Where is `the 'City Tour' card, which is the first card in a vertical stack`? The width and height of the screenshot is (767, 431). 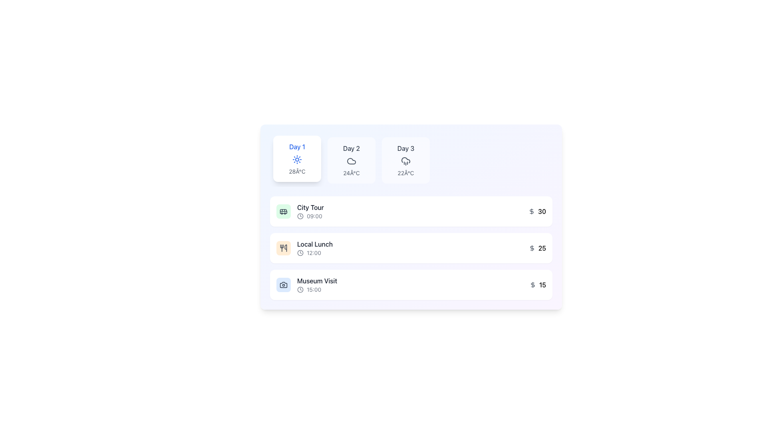 the 'City Tour' card, which is the first card in a vertical stack is located at coordinates (411, 211).